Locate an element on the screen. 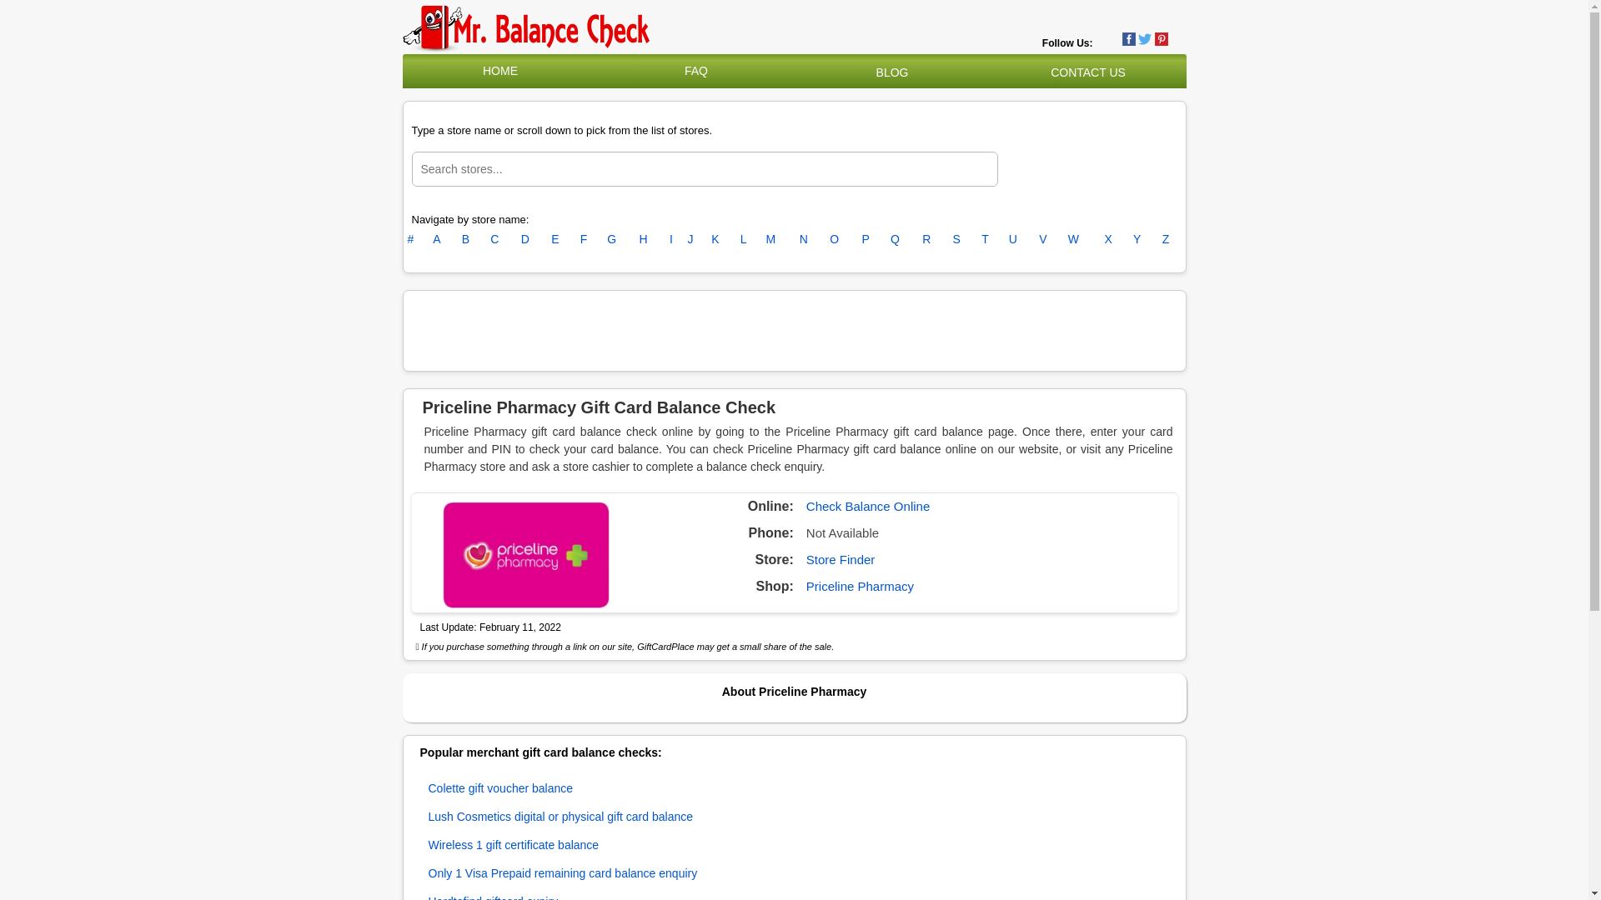  'T' is located at coordinates (985, 238).